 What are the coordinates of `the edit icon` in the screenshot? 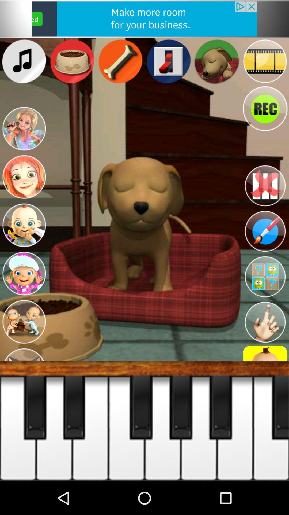 It's located at (265, 247).